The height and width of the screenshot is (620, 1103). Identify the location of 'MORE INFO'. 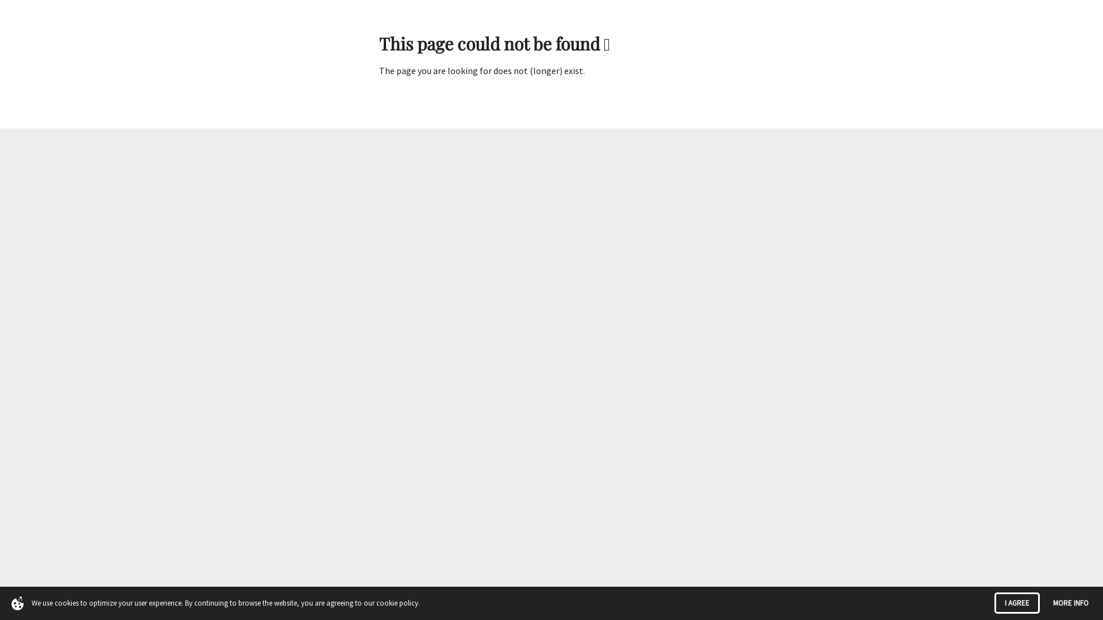
(1070, 602).